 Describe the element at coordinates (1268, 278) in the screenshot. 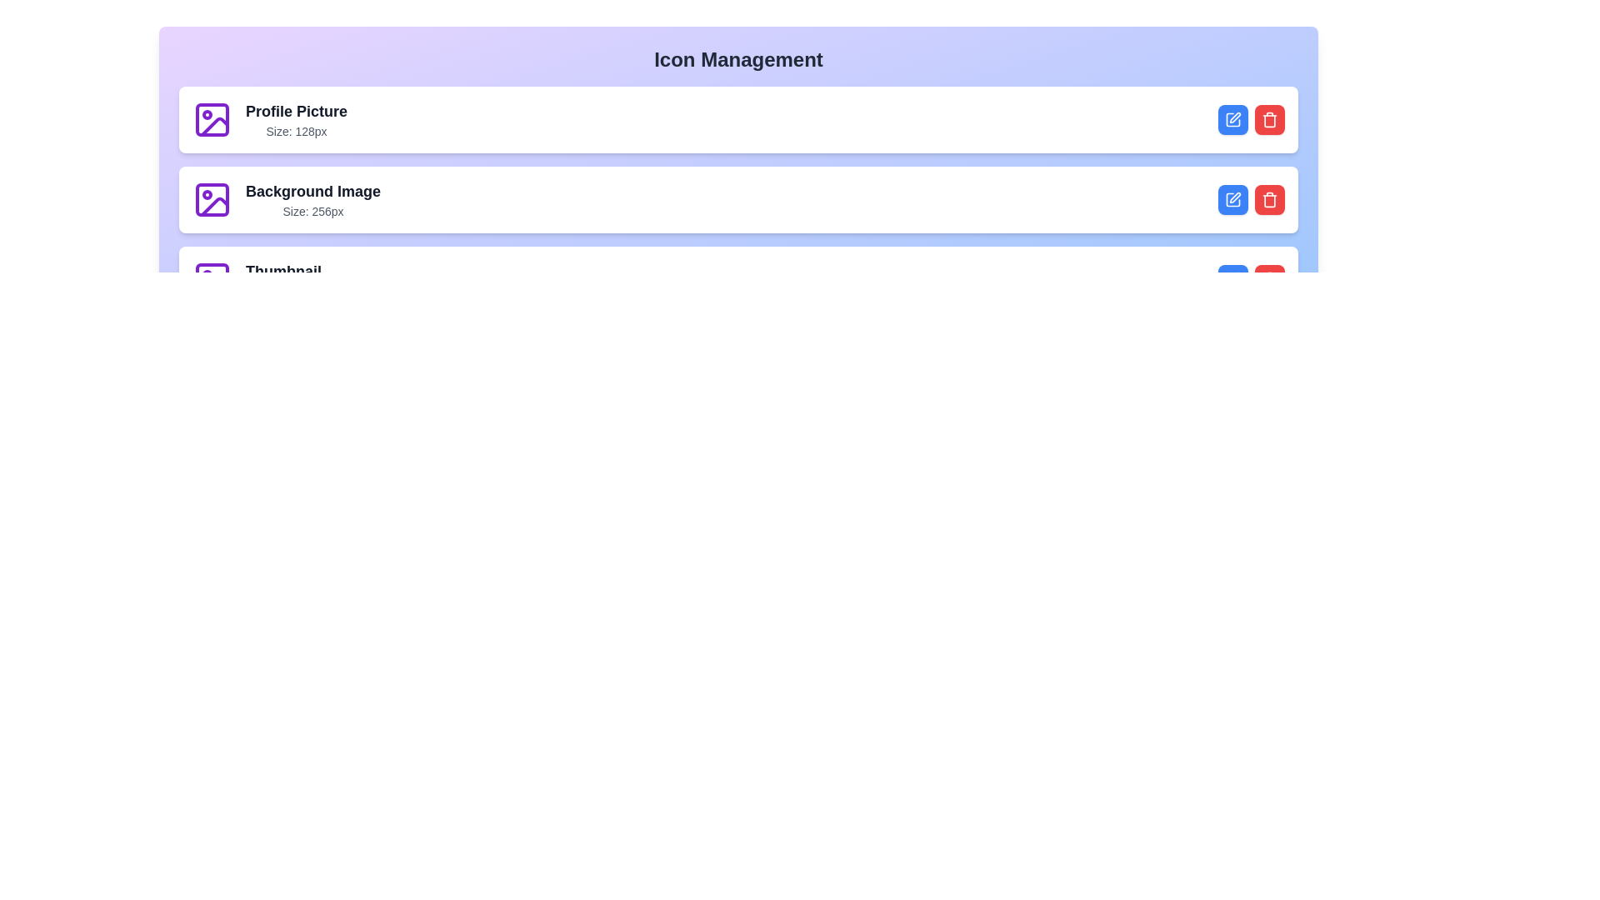

I see `the delete button with a red background, white text, rounded corners, and a trash bin icon, located at the right end of the third row in the layout` at that location.